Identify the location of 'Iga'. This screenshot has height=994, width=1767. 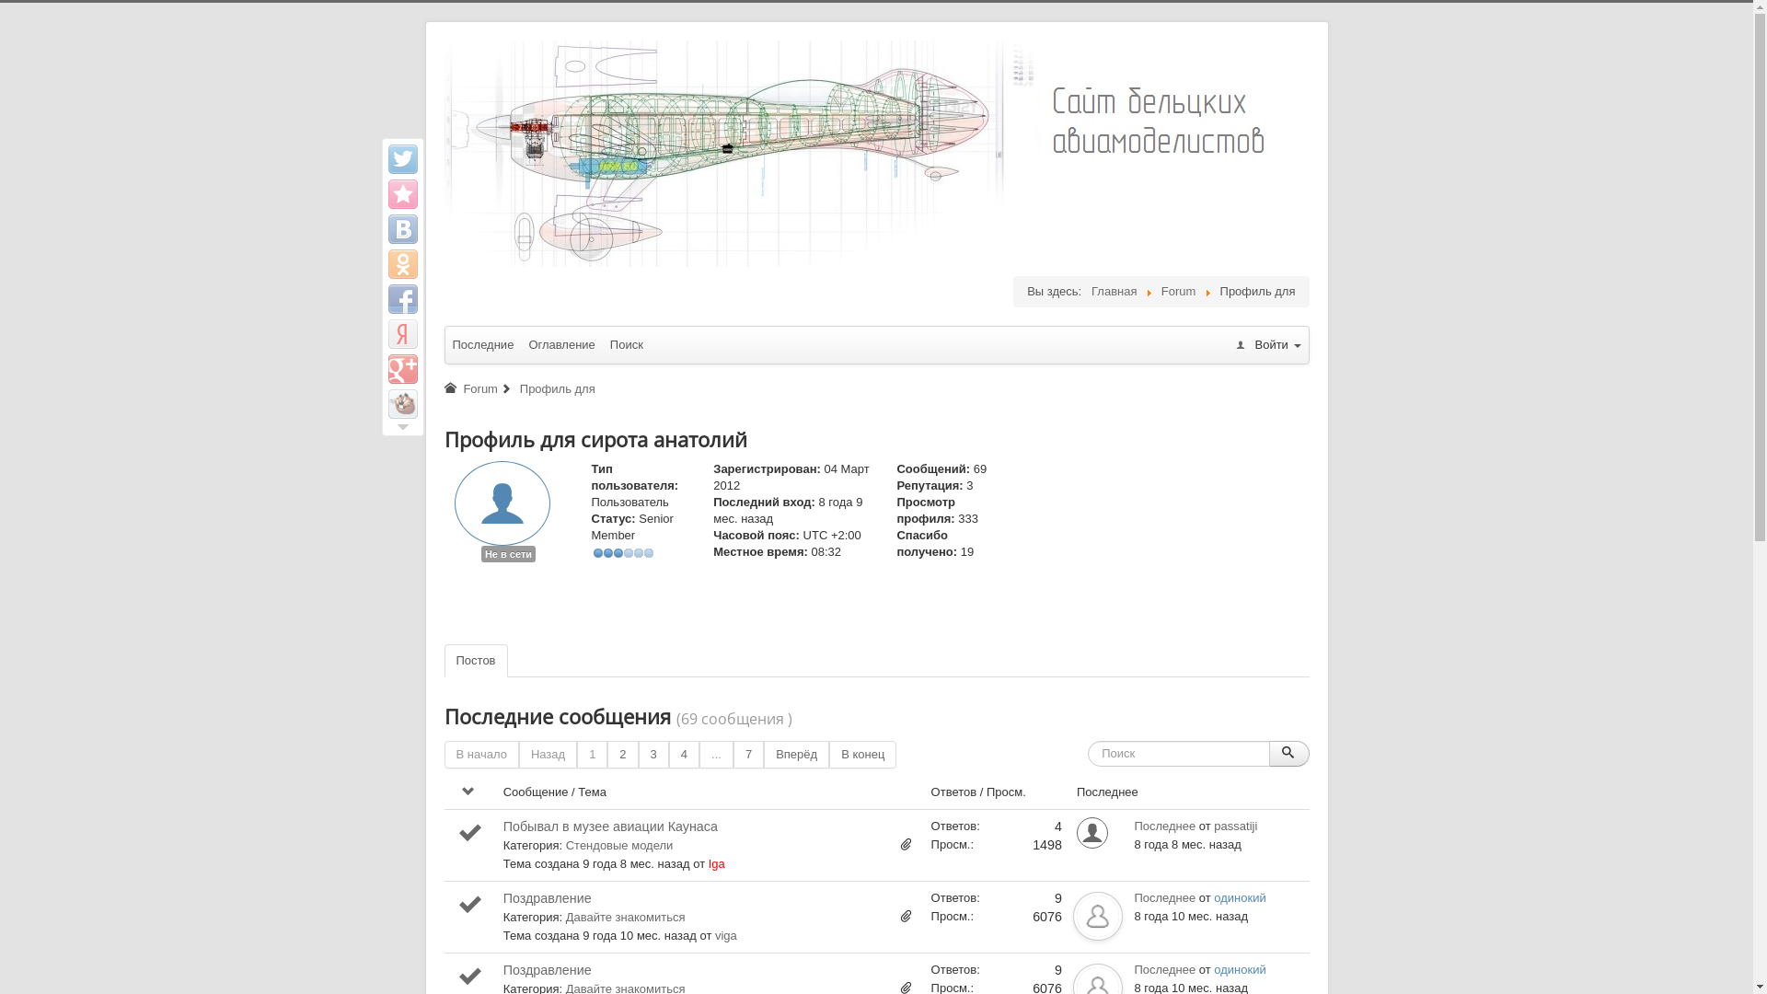
(715, 863).